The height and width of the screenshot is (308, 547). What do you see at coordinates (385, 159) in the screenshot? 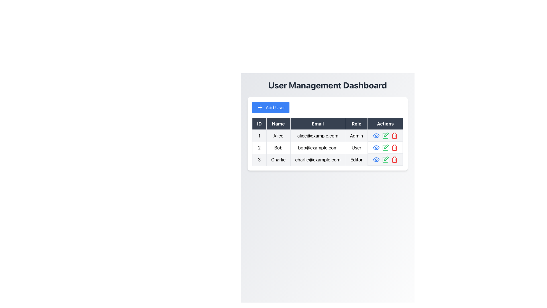
I see `the interactive icon button in the 'Actions' column of the third row for the user 'Charlie' to initiate editing` at bounding box center [385, 159].